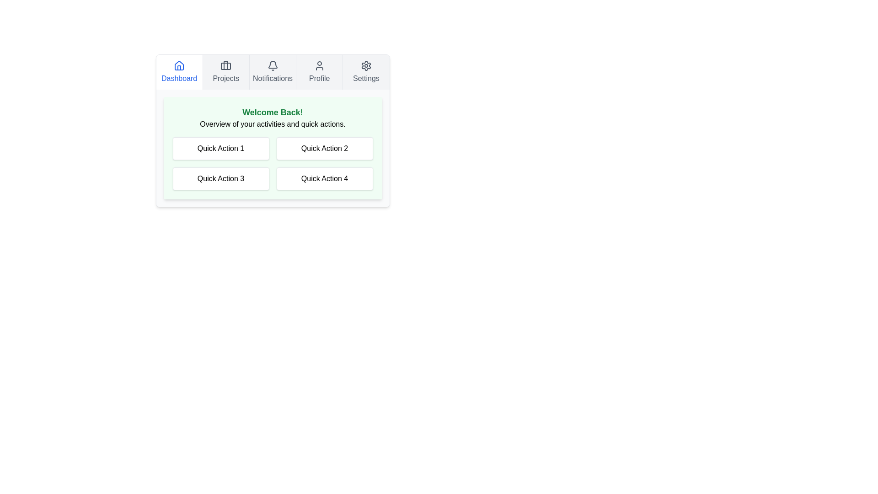 The width and height of the screenshot is (878, 494). I want to click on the 'Quick Action 4' button, which is the last button in a 2x2 grid layout under the heading 'Overview of your activities and quick actions.', so click(325, 178).